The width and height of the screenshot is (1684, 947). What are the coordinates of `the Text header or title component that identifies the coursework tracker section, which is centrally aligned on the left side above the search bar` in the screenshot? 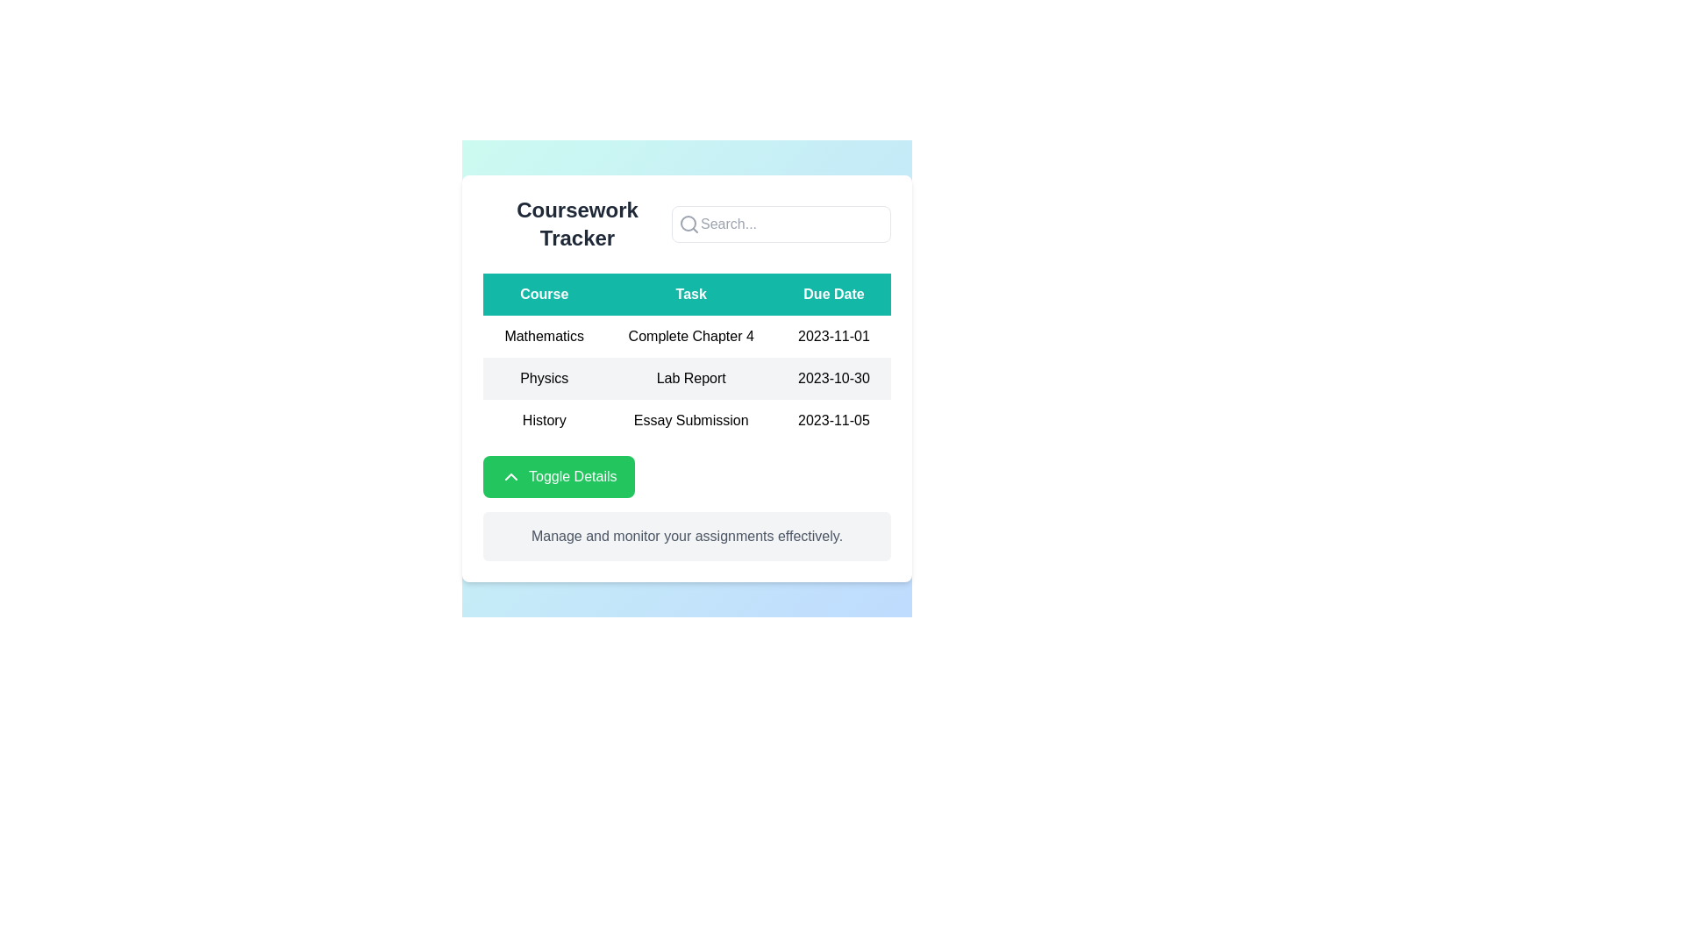 It's located at (577, 223).